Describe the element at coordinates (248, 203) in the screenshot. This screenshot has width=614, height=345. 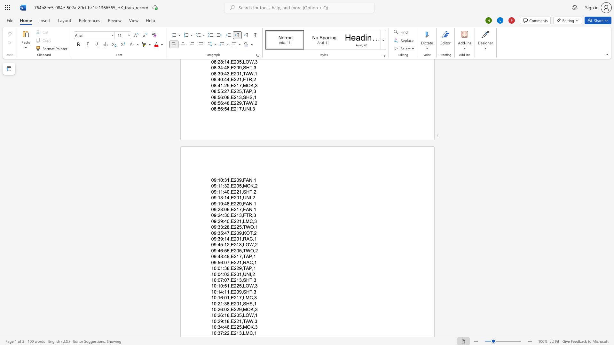
I see `the subset text "N," within the text "09:19:48,E229,FAN,1"` at that location.